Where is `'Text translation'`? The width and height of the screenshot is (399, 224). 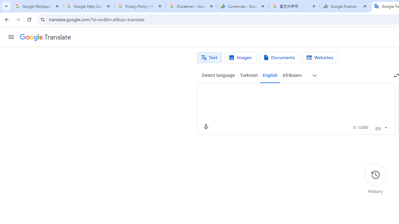 'Text translation' is located at coordinates (209, 58).